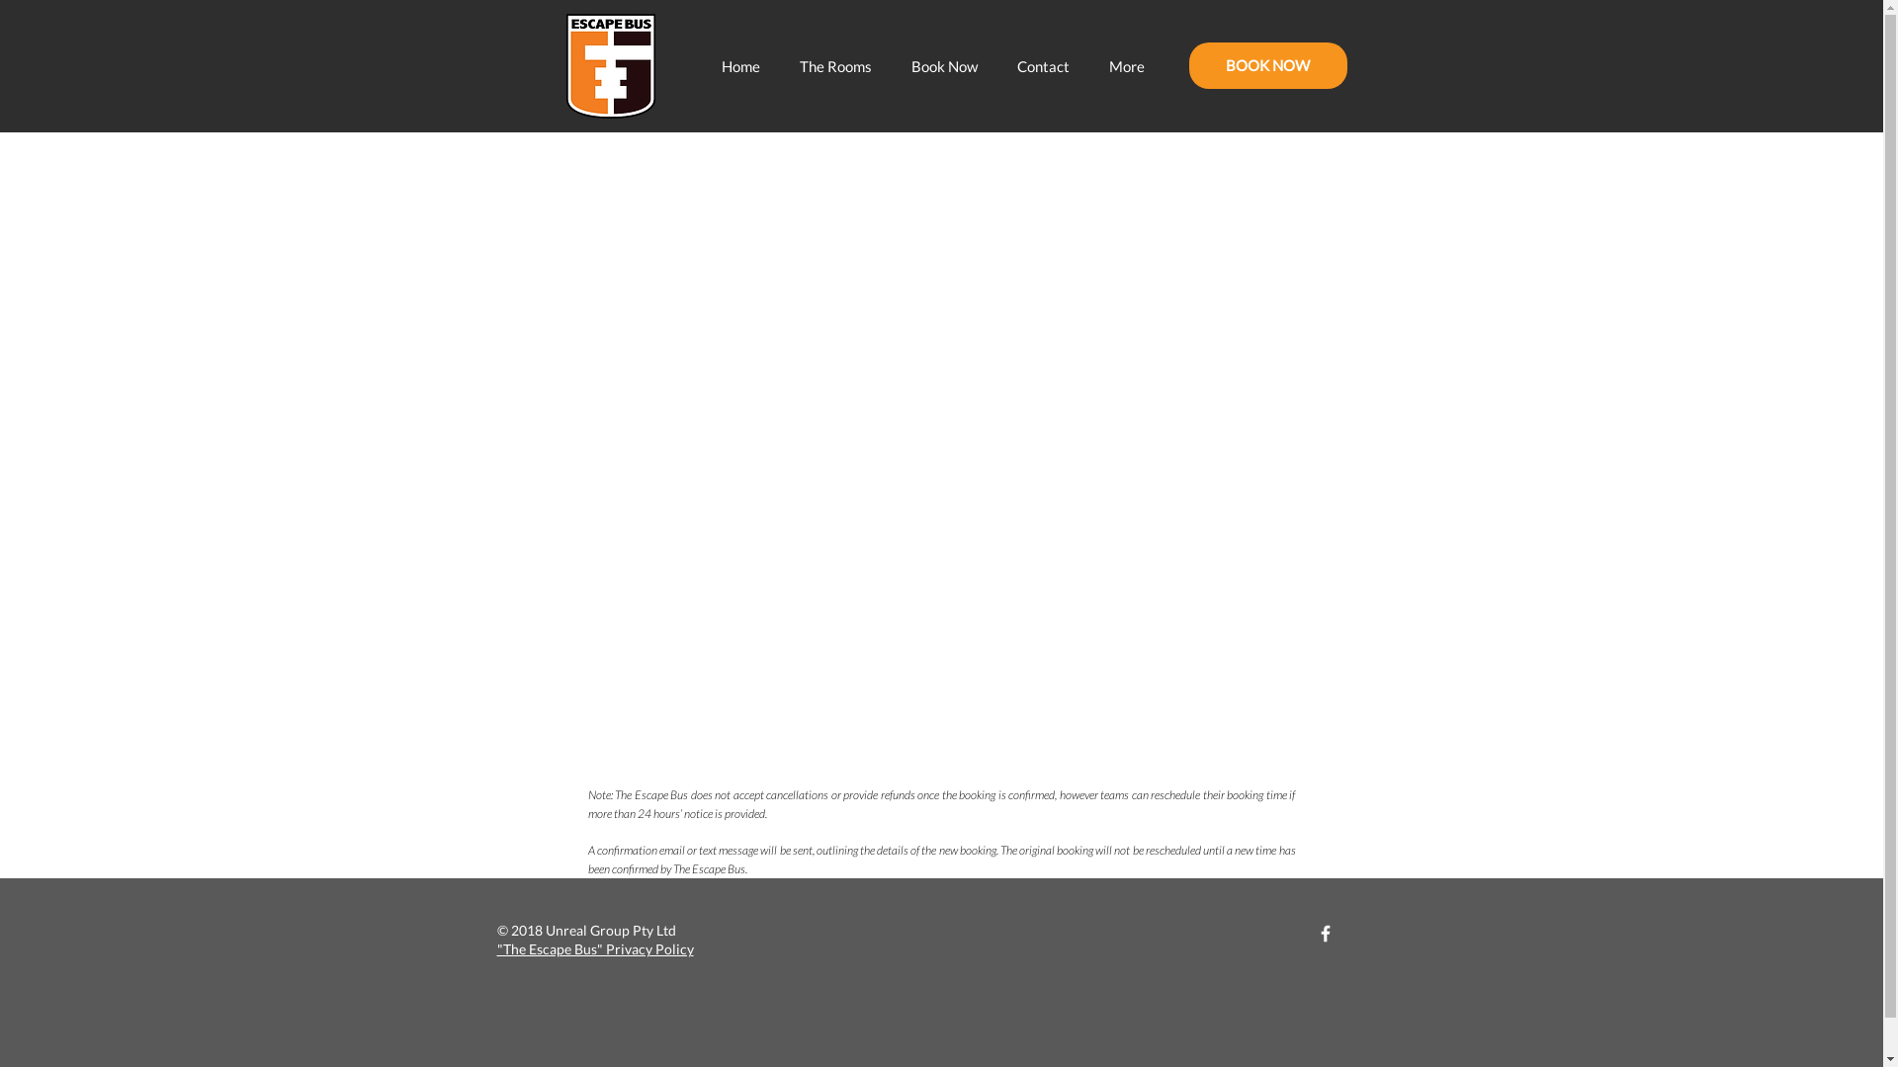 The width and height of the screenshot is (1898, 1067). What do you see at coordinates (943, 64) in the screenshot?
I see `'Book Now'` at bounding box center [943, 64].